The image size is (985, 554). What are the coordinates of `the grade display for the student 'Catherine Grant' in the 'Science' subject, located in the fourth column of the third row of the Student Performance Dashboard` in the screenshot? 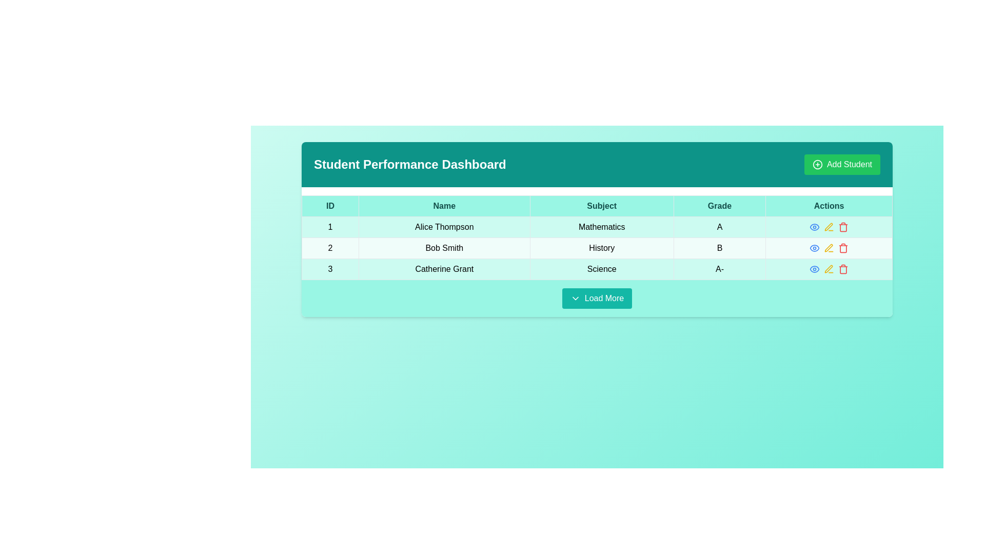 It's located at (719, 268).